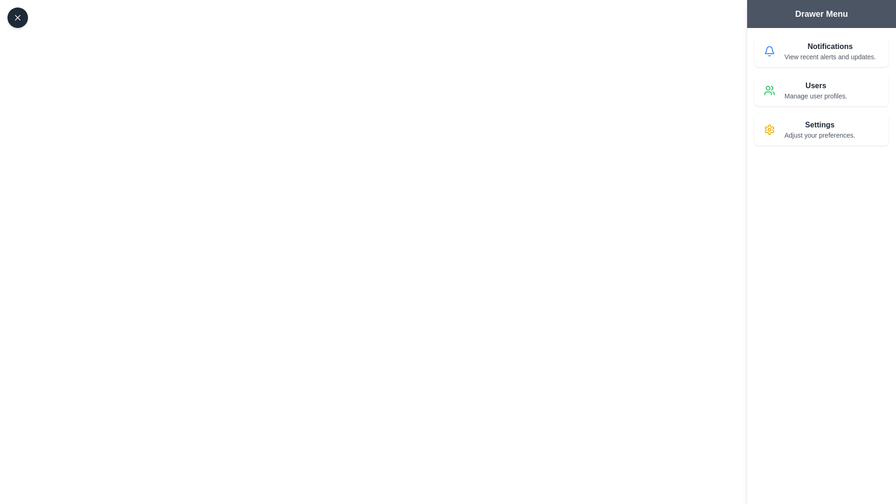 Image resolution: width=896 pixels, height=504 pixels. I want to click on the toggle button in the top-left corner to toggle the drawer's visibility, so click(18, 18).